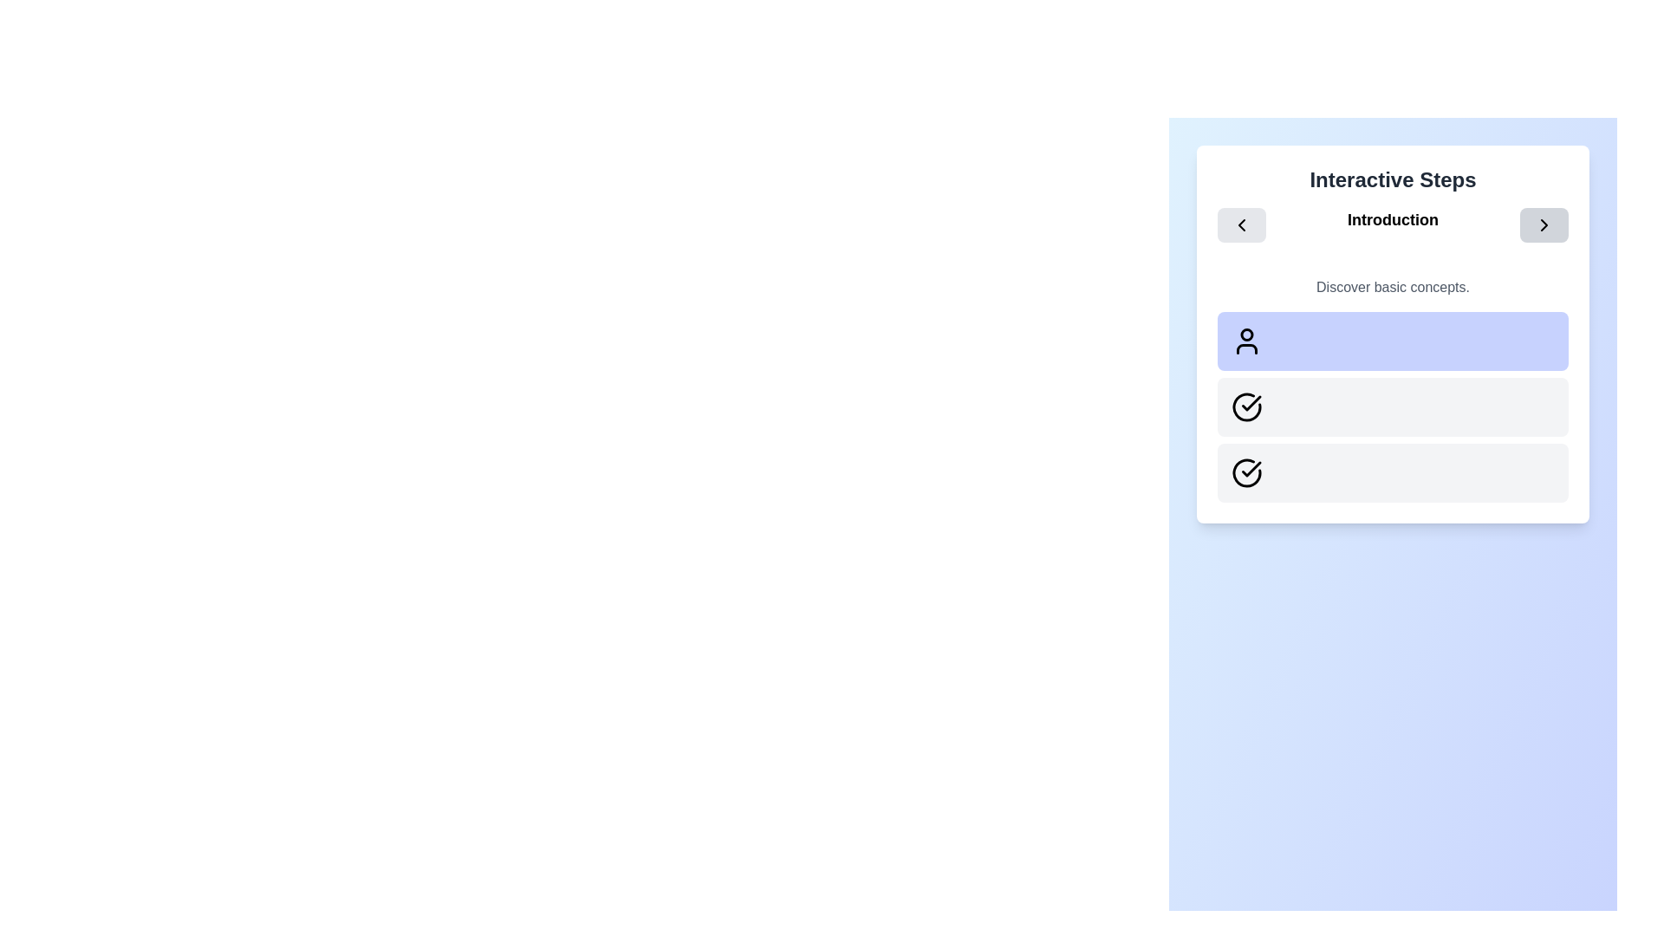 This screenshot has width=1664, height=936. What do you see at coordinates (1393, 286) in the screenshot?
I see `the centered static text block displaying 'Discover basic concepts.' in gray color, located within the 'Interactive Steps' card, positioned below the 'Introduction' header` at bounding box center [1393, 286].